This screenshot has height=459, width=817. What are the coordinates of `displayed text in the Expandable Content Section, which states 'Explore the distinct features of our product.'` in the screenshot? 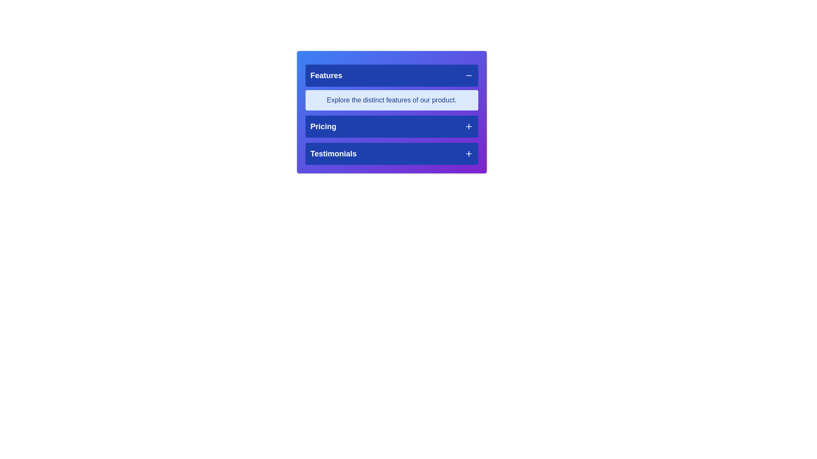 It's located at (391, 87).